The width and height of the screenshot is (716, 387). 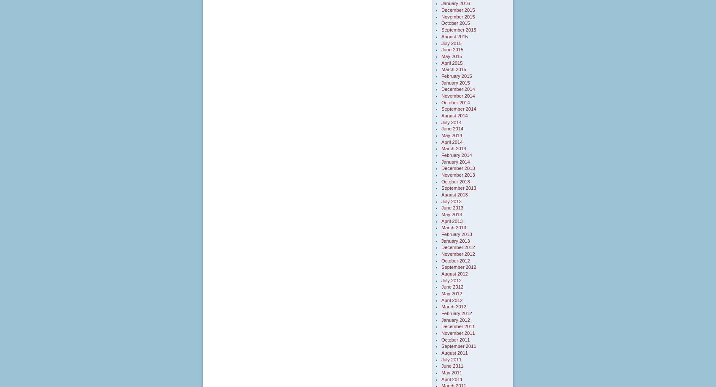 I want to click on 'March 2013', so click(x=454, y=227).